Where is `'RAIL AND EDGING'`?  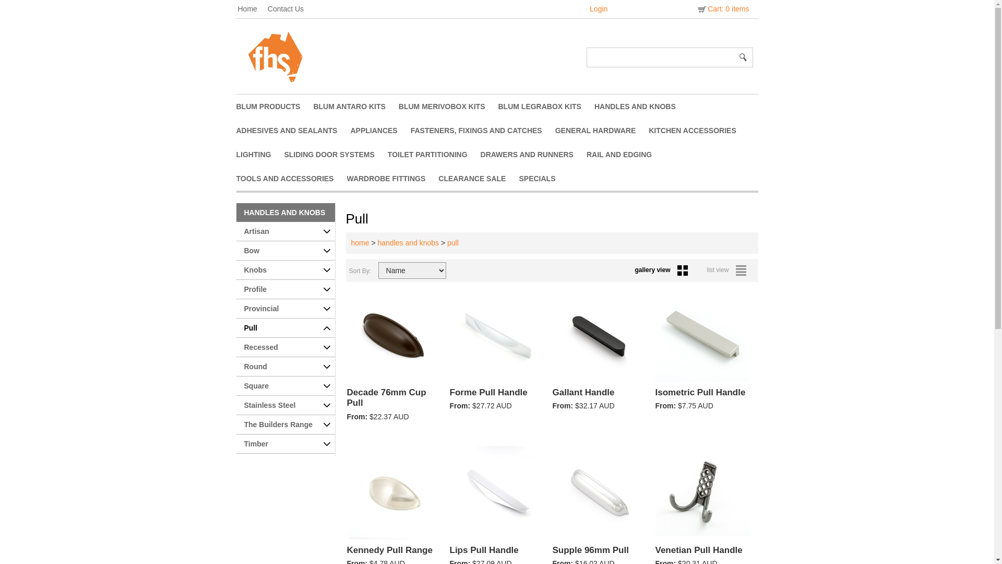 'RAIL AND EDGING' is located at coordinates (626, 155).